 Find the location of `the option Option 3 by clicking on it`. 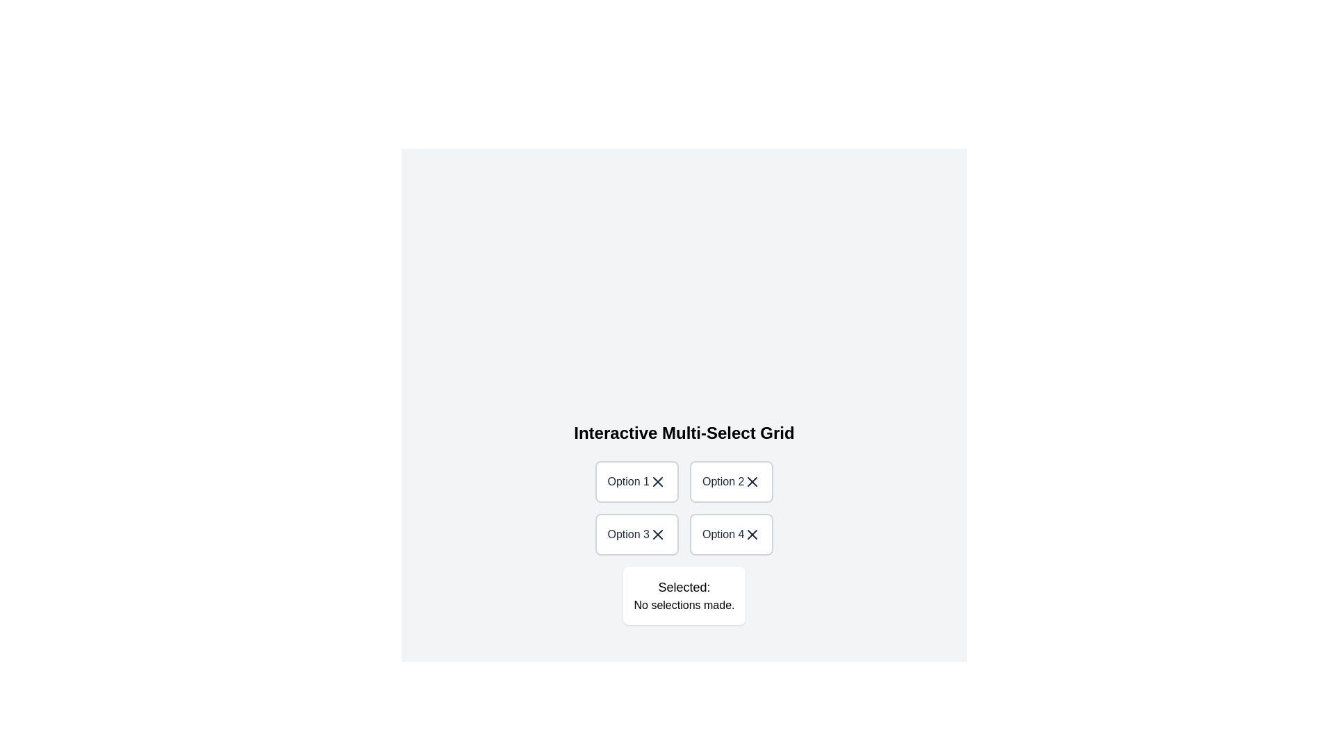

the option Option 3 by clicking on it is located at coordinates (636, 534).